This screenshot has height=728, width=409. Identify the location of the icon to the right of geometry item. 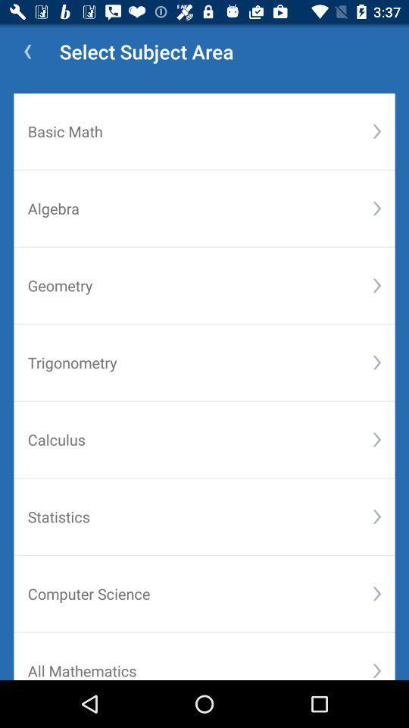
(376, 284).